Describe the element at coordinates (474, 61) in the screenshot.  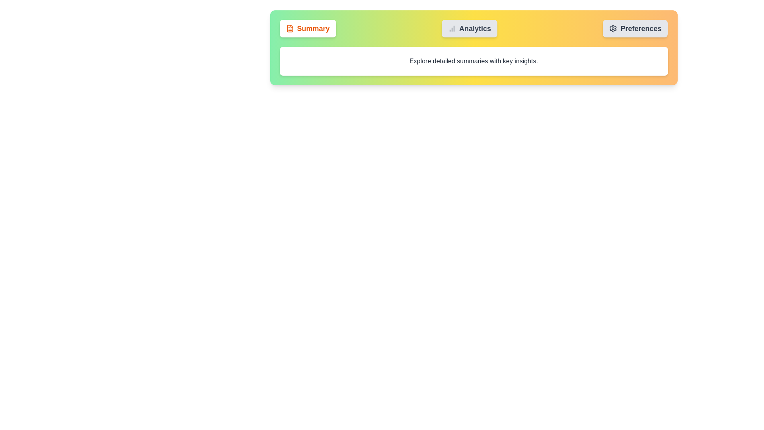
I see `text from the static tooltip box that contains the message 'Explore detailed summaries with key insights.' which is centered in a dark gray font and has a white background with rounded corners` at that location.